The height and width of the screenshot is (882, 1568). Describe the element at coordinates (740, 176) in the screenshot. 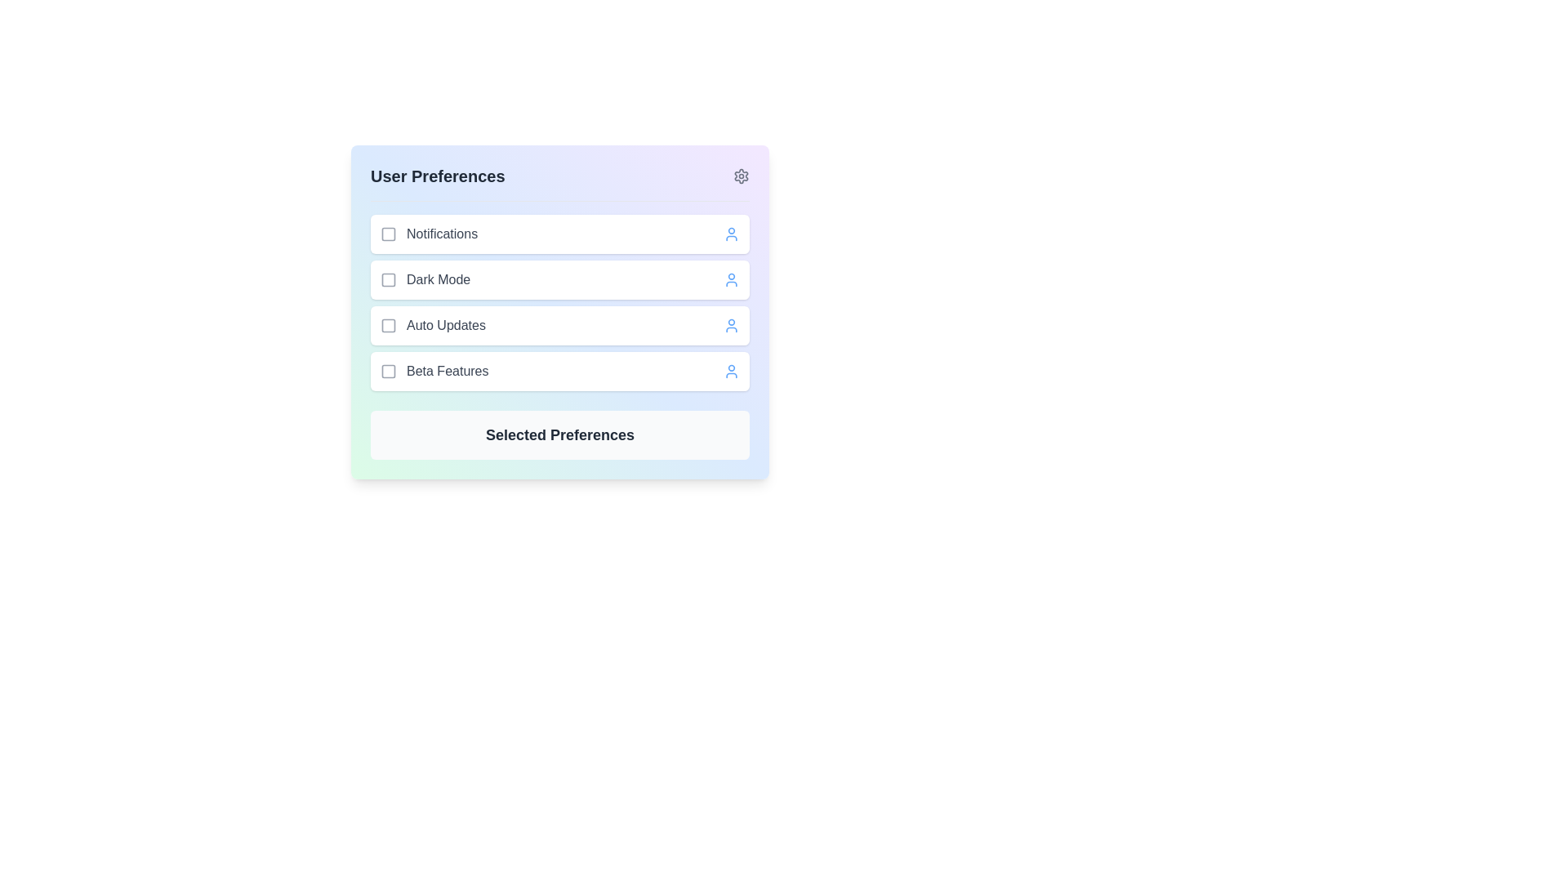

I see `the gear icon located in the header section labeled 'User Preferences'` at that location.